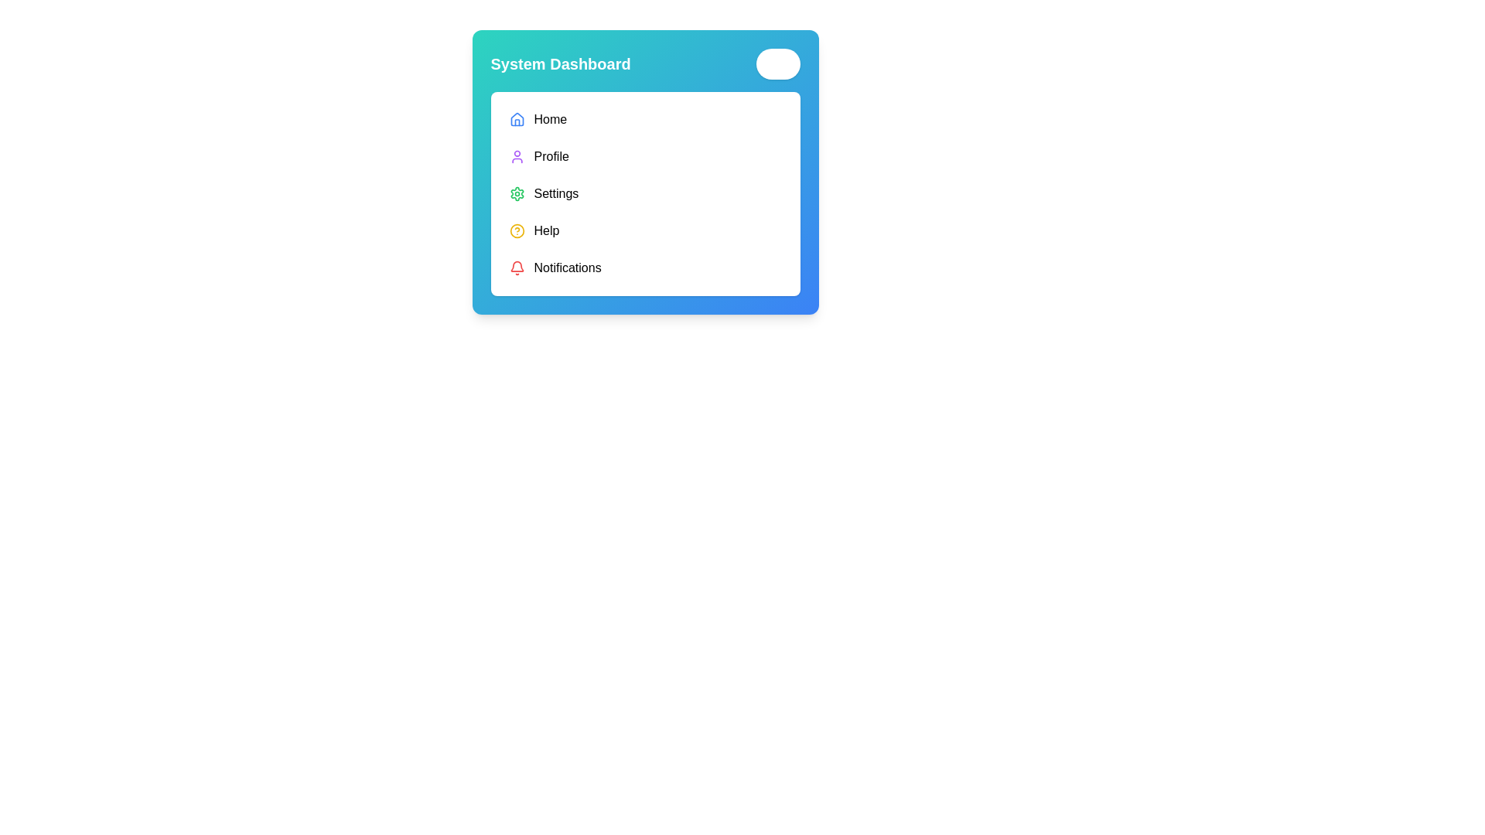 The width and height of the screenshot is (1485, 835). What do you see at coordinates (517, 193) in the screenshot?
I see `the green cogwheel-shaped icon located to the left of the 'Settings' text label in the fourth row of the vertical menu` at bounding box center [517, 193].